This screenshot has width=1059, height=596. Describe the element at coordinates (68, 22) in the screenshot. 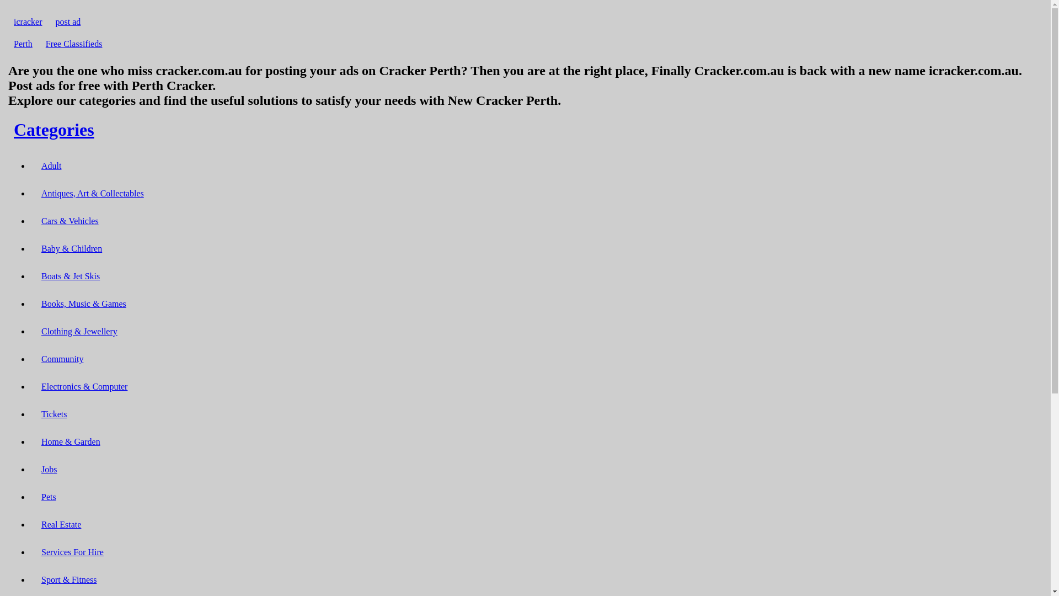

I see `'post ad'` at that location.